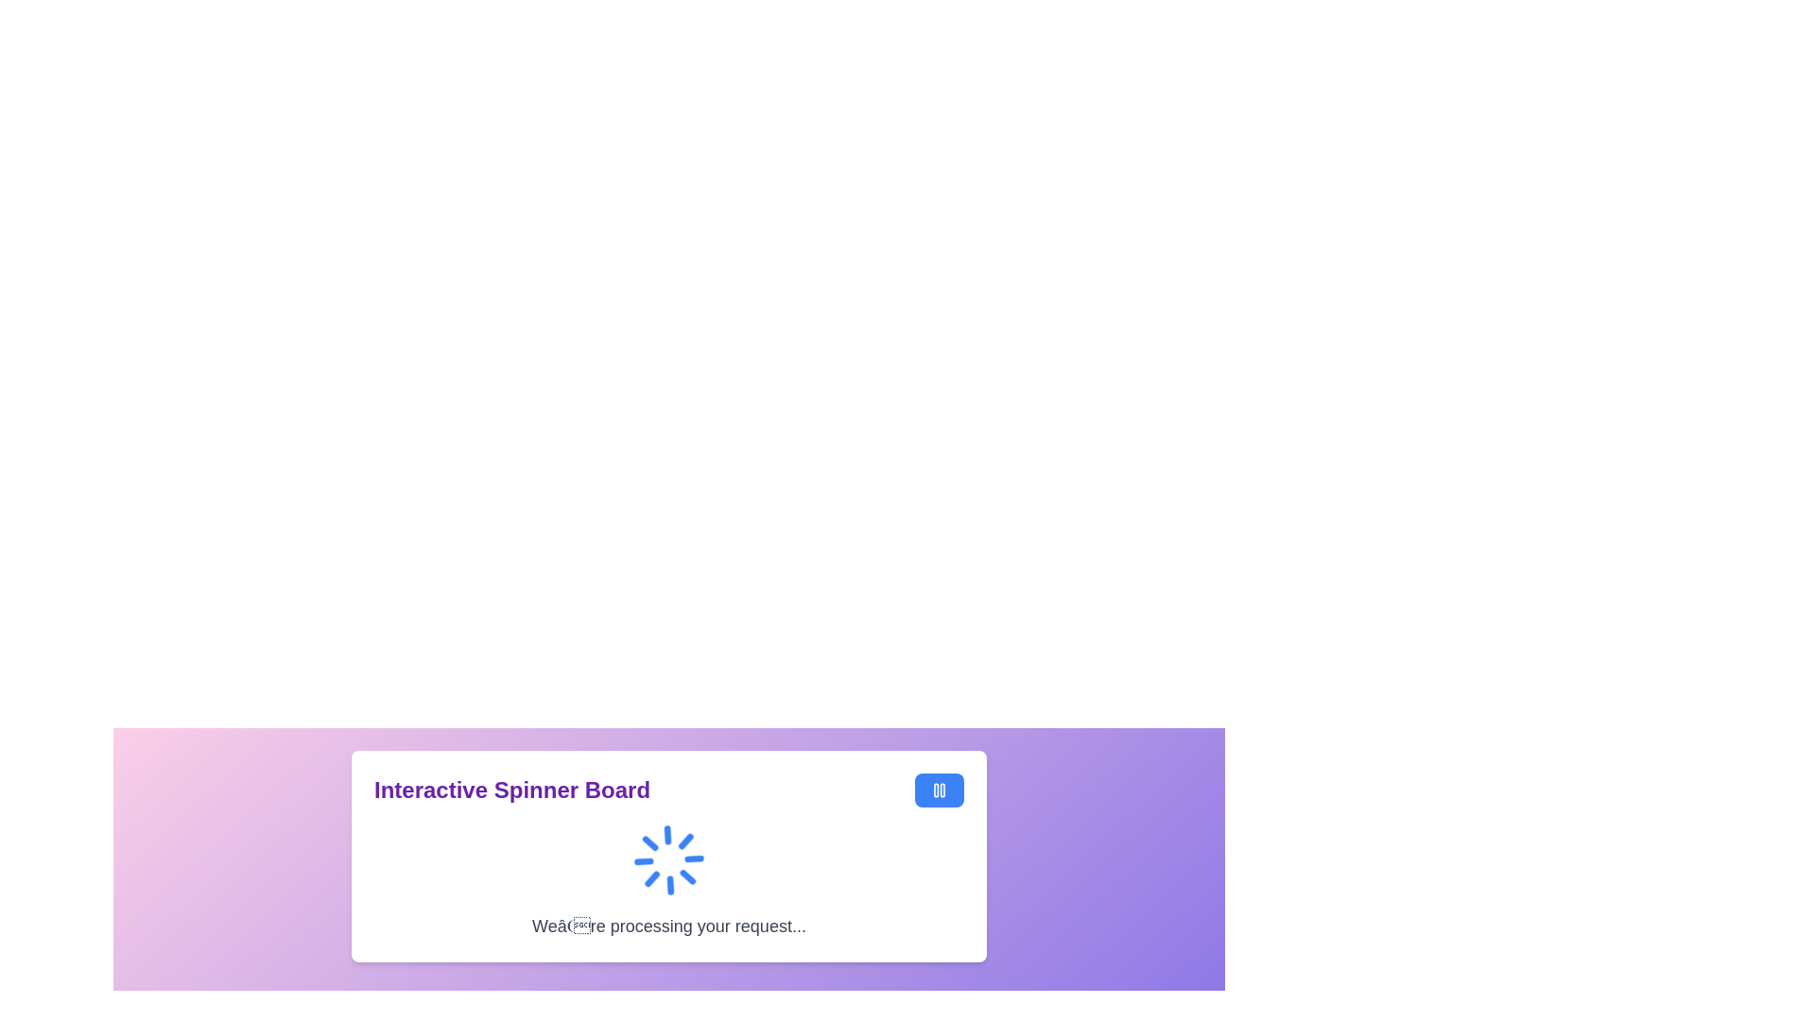  Describe the element at coordinates (651, 877) in the screenshot. I see `the small graphical line segment of the radial spinner component under the title 'Interactive Spinner Board'` at that location.